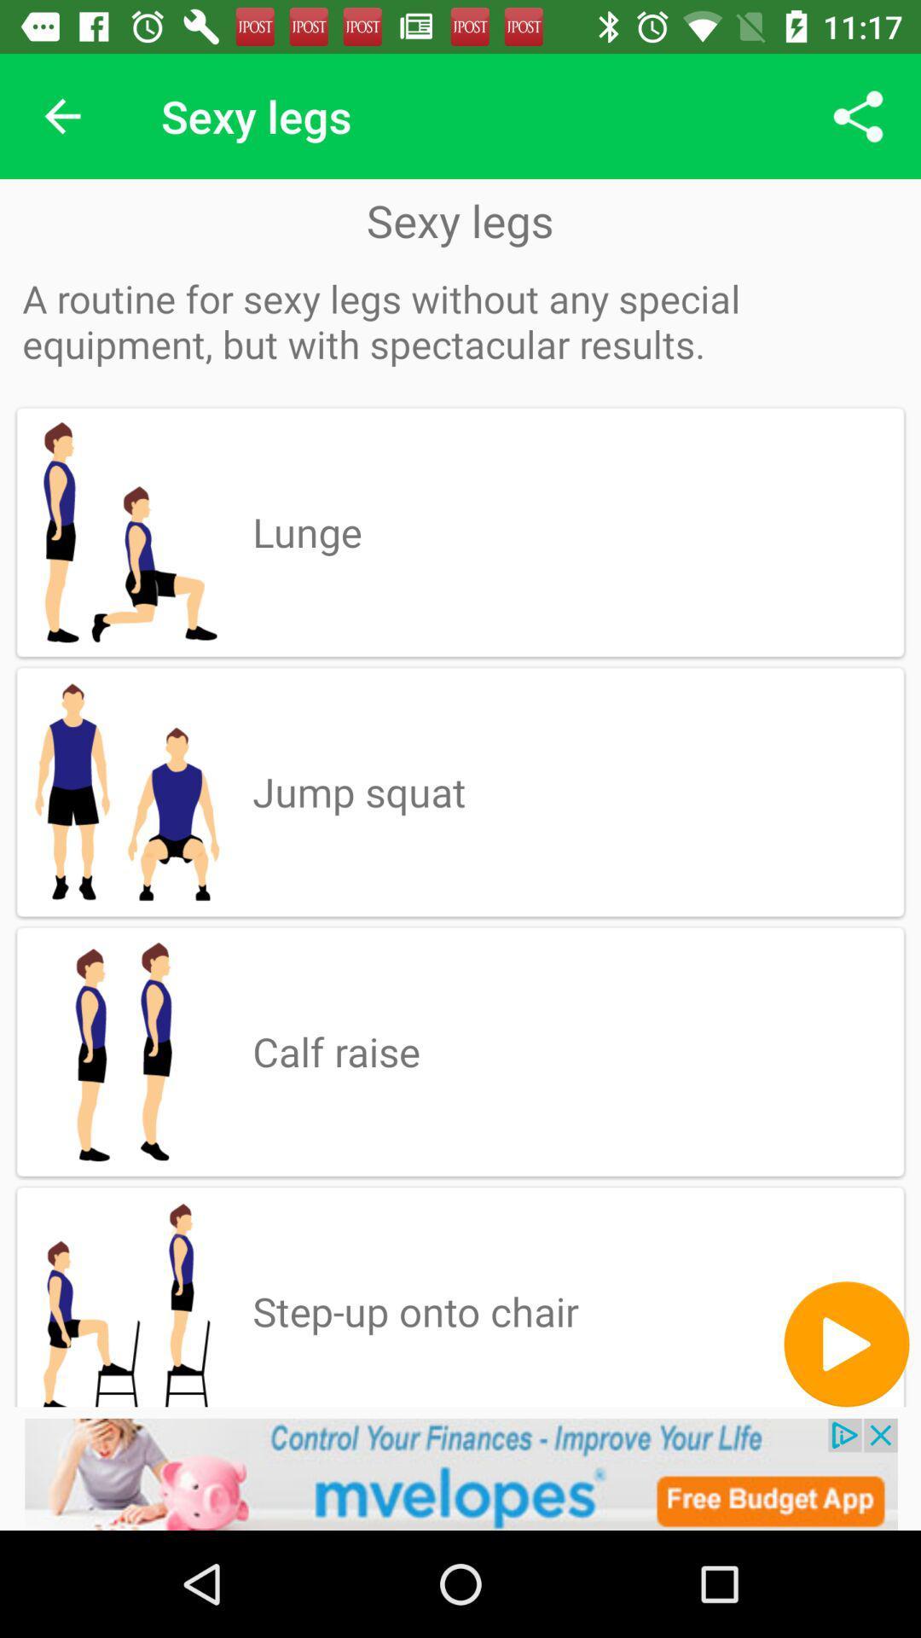 The width and height of the screenshot is (921, 1638). What do you see at coordinates (460, 1473) in the screenshot?
I see `learn about this product` at bounding box center [460, 1473].